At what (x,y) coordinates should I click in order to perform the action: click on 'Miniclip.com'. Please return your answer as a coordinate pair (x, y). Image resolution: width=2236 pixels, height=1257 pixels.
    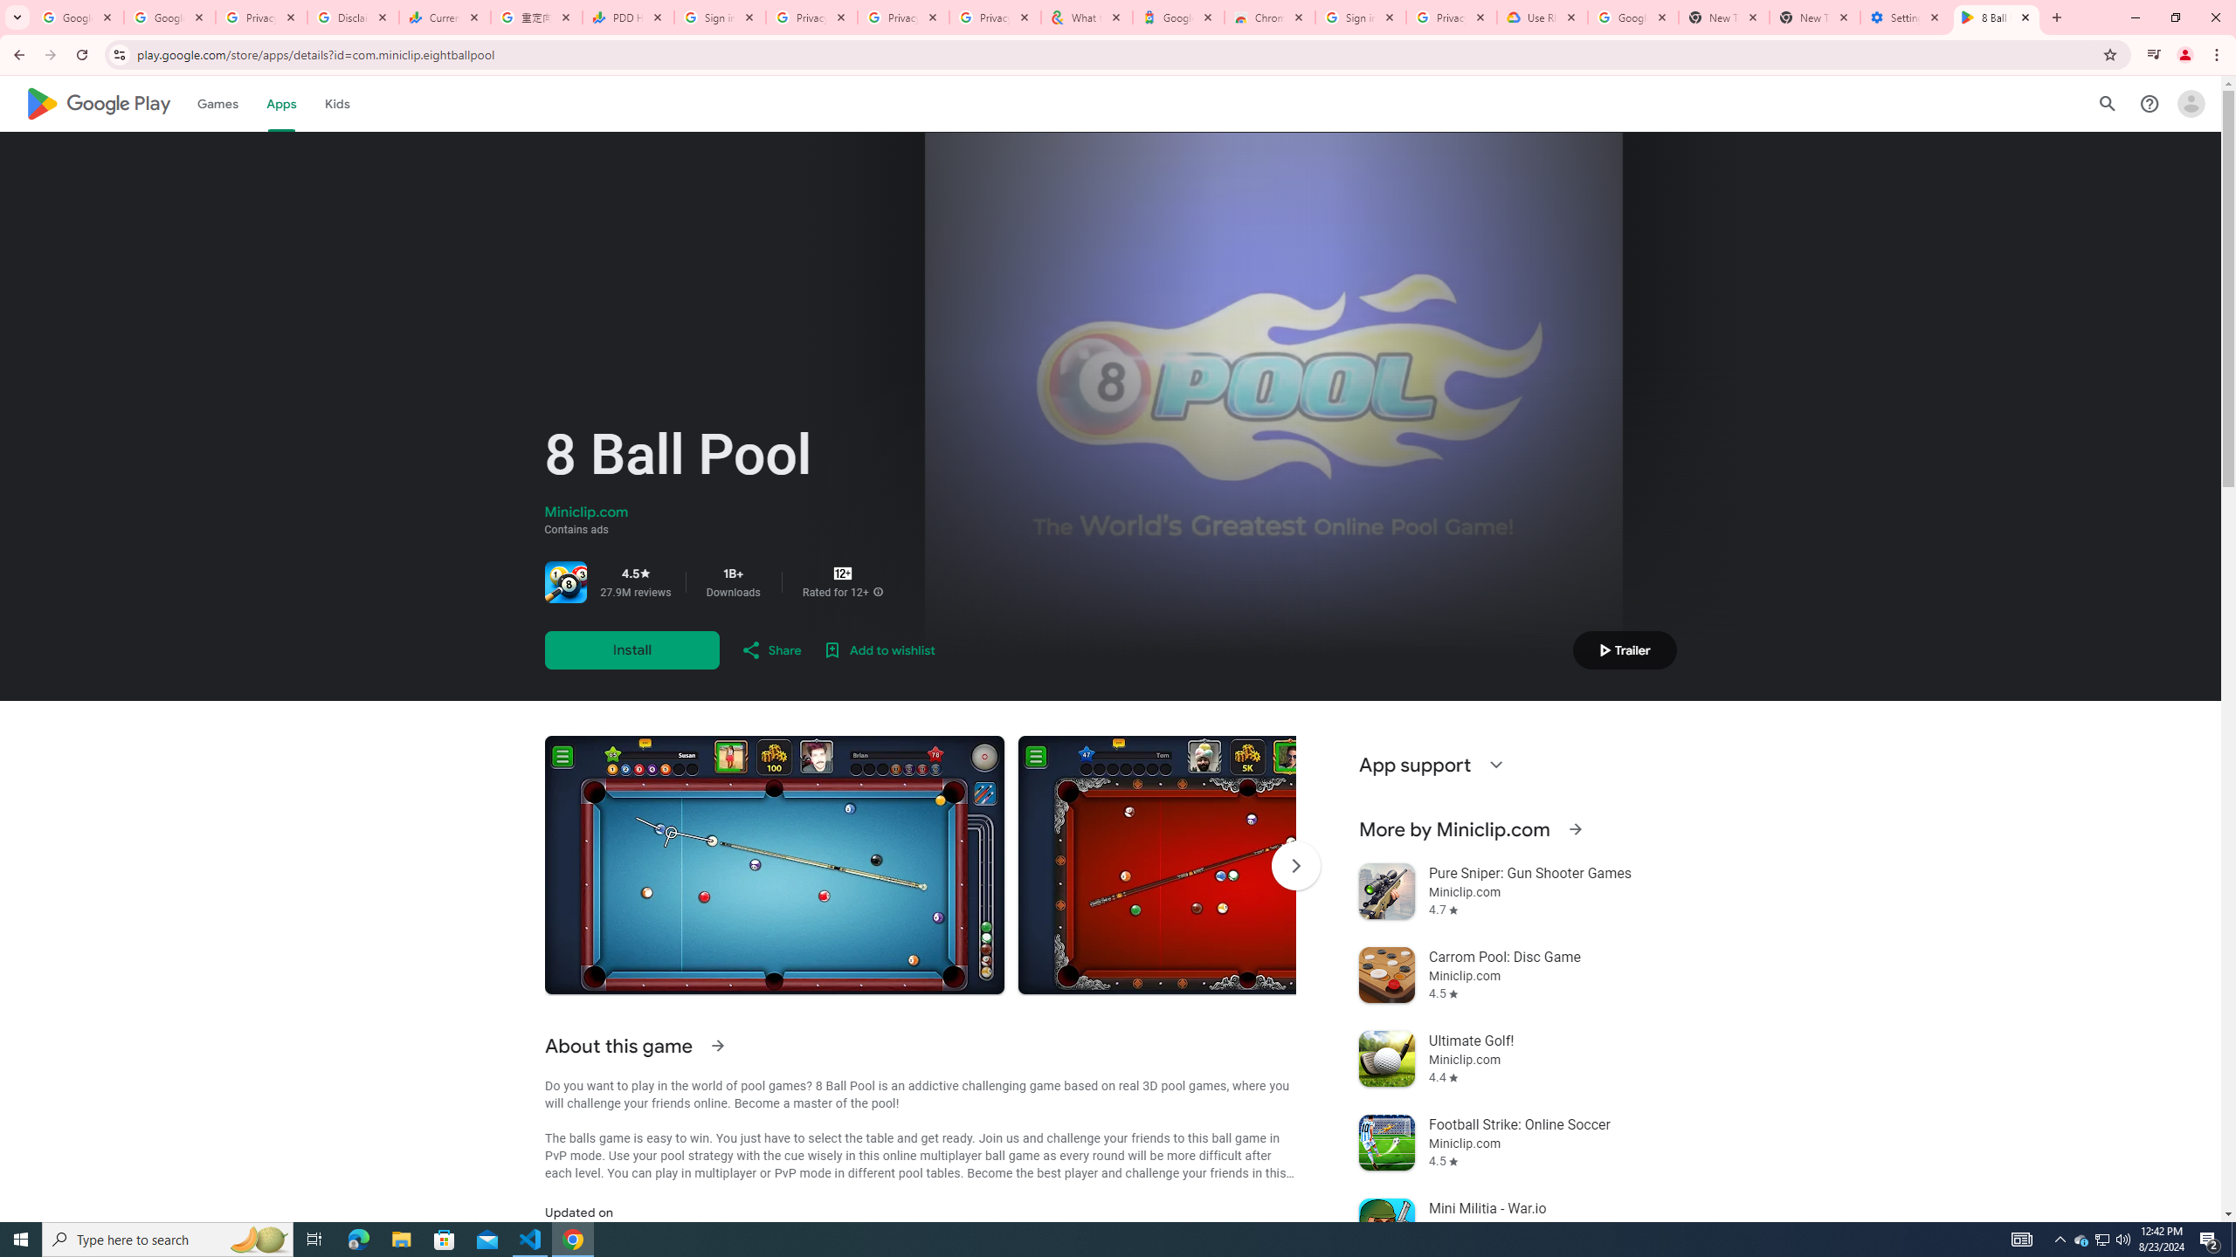
    Looking at the image, I should click on (584, 512).